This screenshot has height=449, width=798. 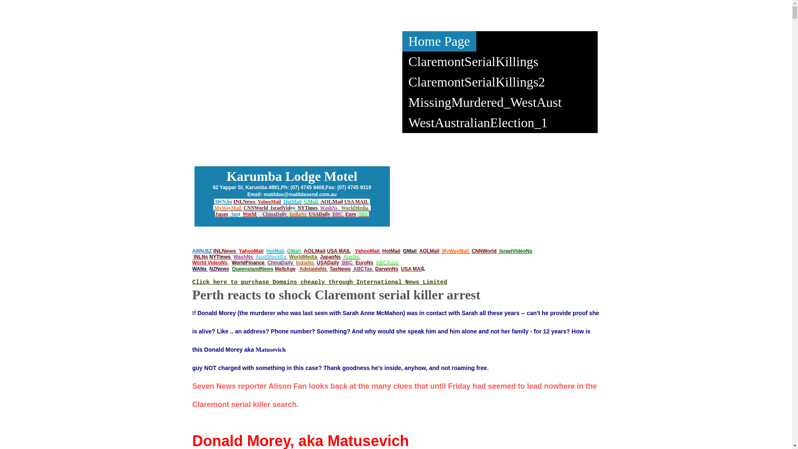 I want to click on 'WorldMedia', so click(x=341, y=207).